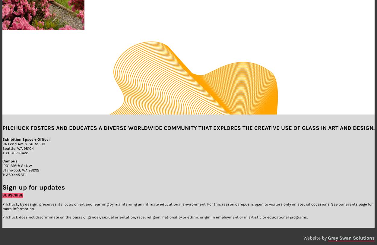 The image size is (377, 245). What do you see at coordinates (17, 165) in the screenshot?
I see `'1201-316th St NW'` at bounding box center [17, 165].